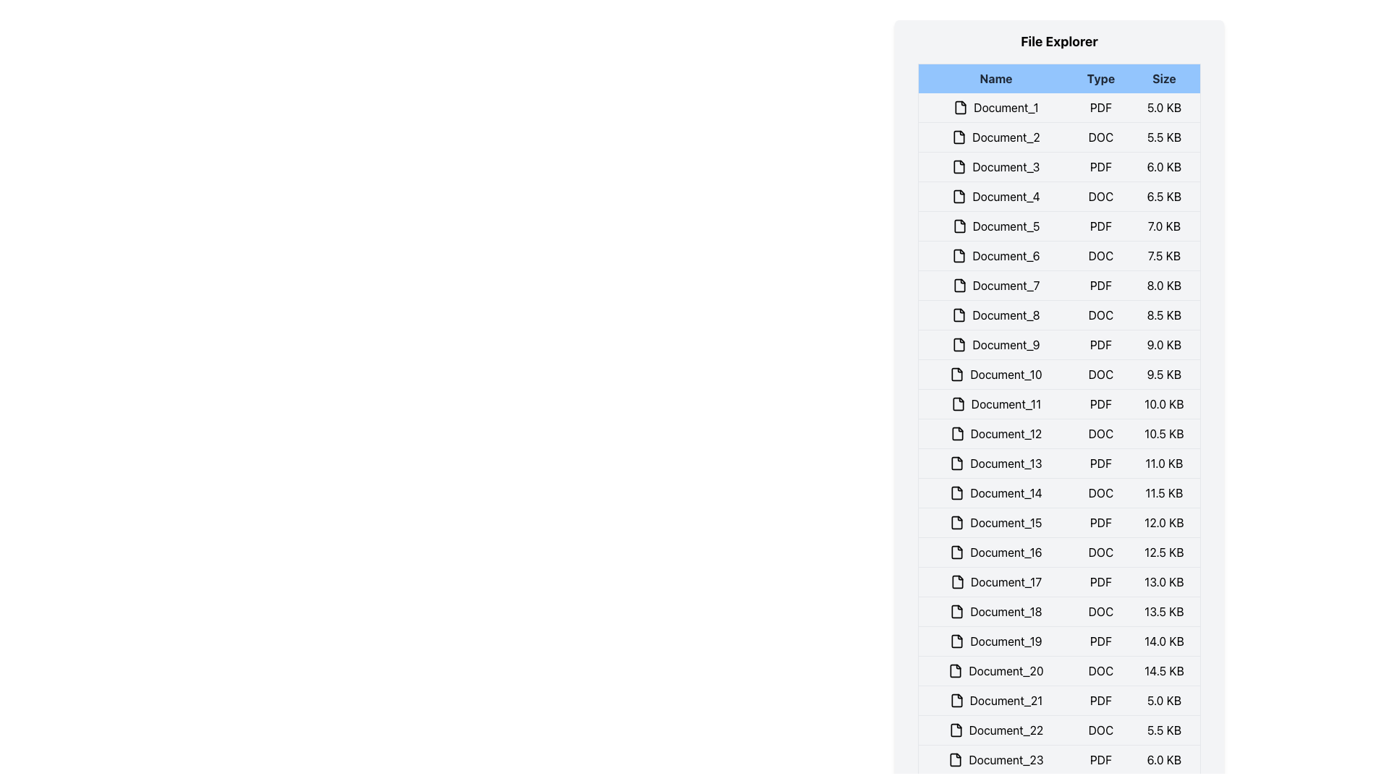  I want to click on the SVG icon representing a file that precedes the text 'Document_12' in the file list, so click(957, 433).